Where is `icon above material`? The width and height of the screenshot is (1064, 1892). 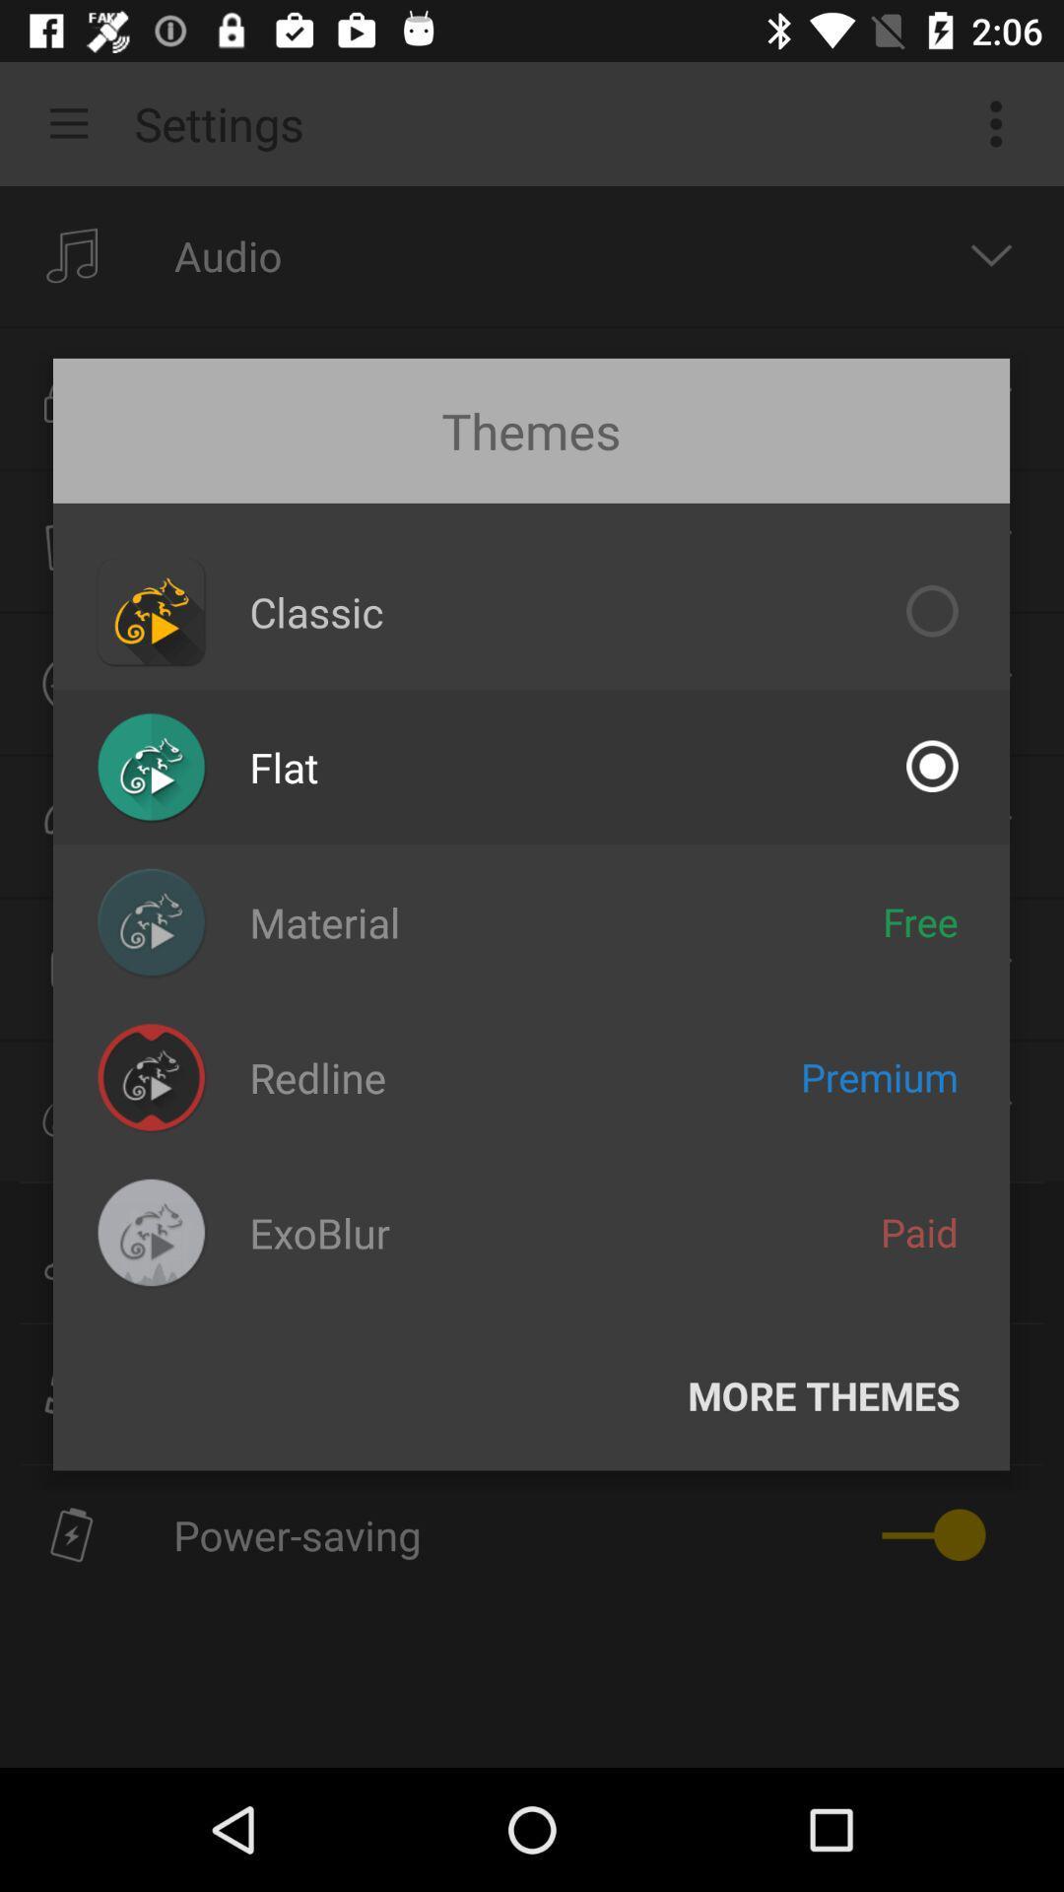
icon above material is located at coordinates (284, 766).